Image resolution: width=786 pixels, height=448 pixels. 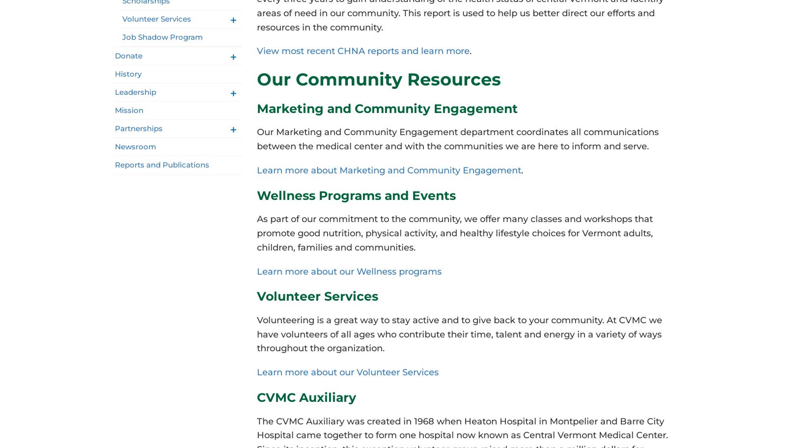 I want to click on 'As part of our commitment to the community, we offer many classes and workshops that promote good nutrition, physical activity, and healthy lifestyle choices for Vermont adults, children, families and communities.', so click(x=453, y=233).